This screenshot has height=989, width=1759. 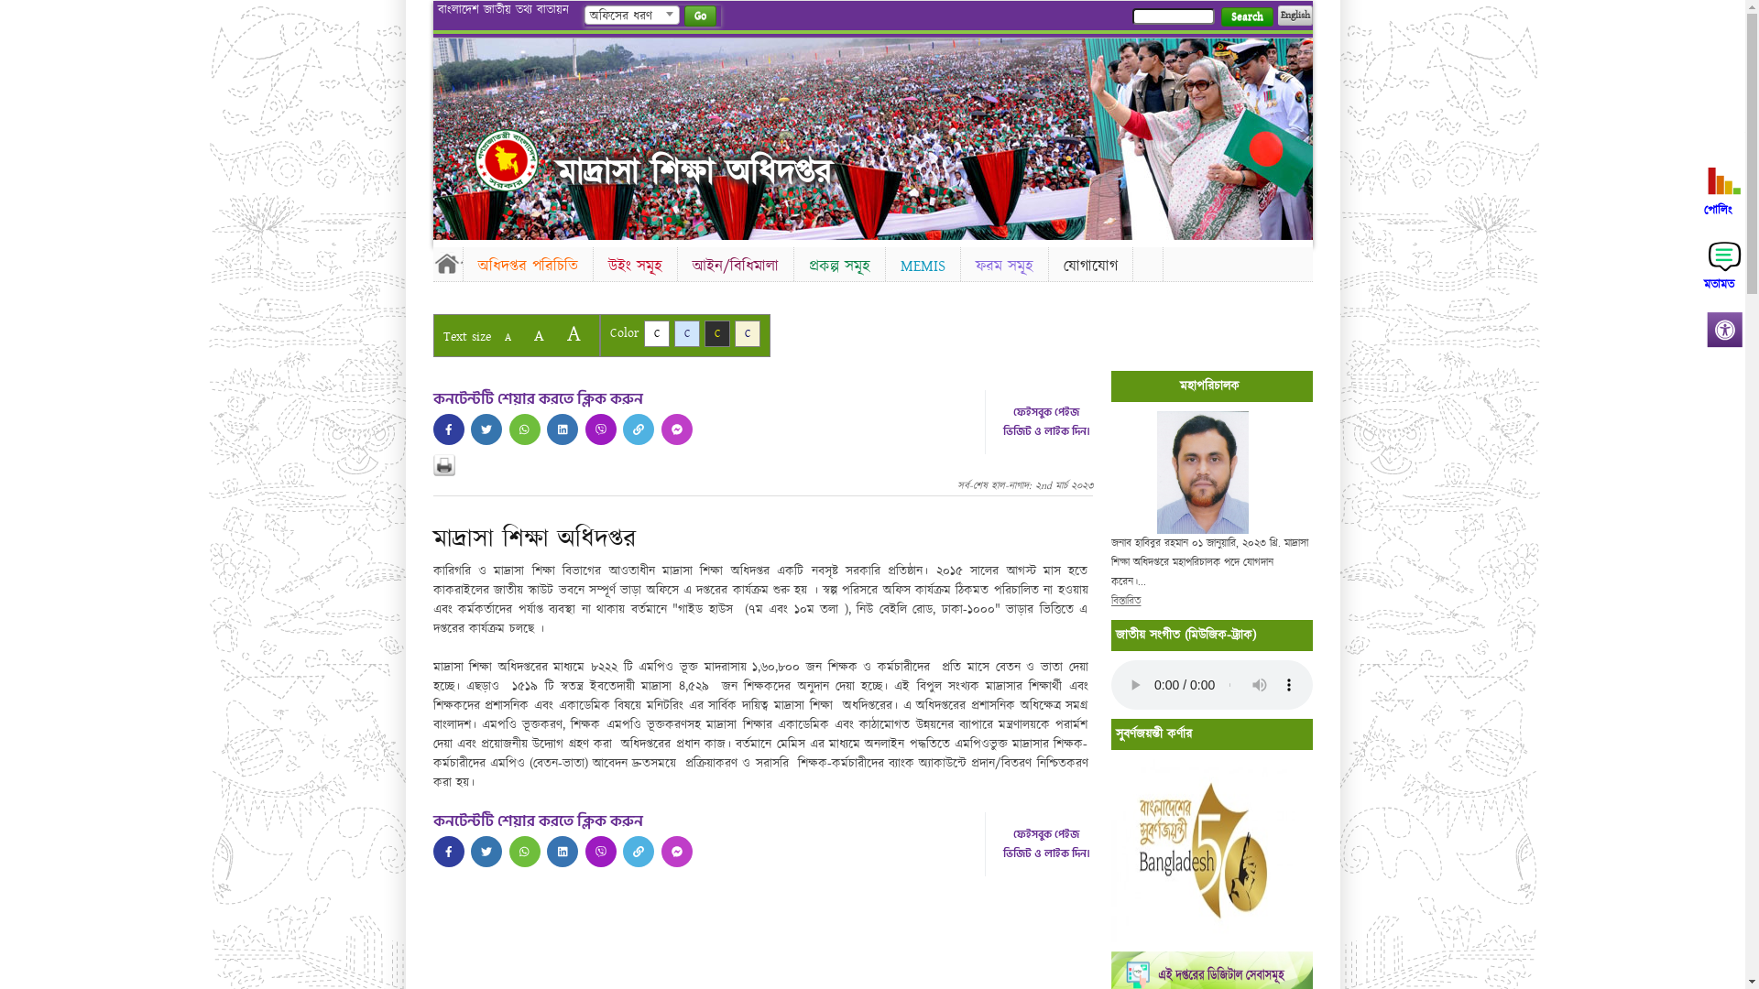 What do you see at coordinates (507, 337) in the screenshot?
I see `'A'` at bounding box center [507, 337].